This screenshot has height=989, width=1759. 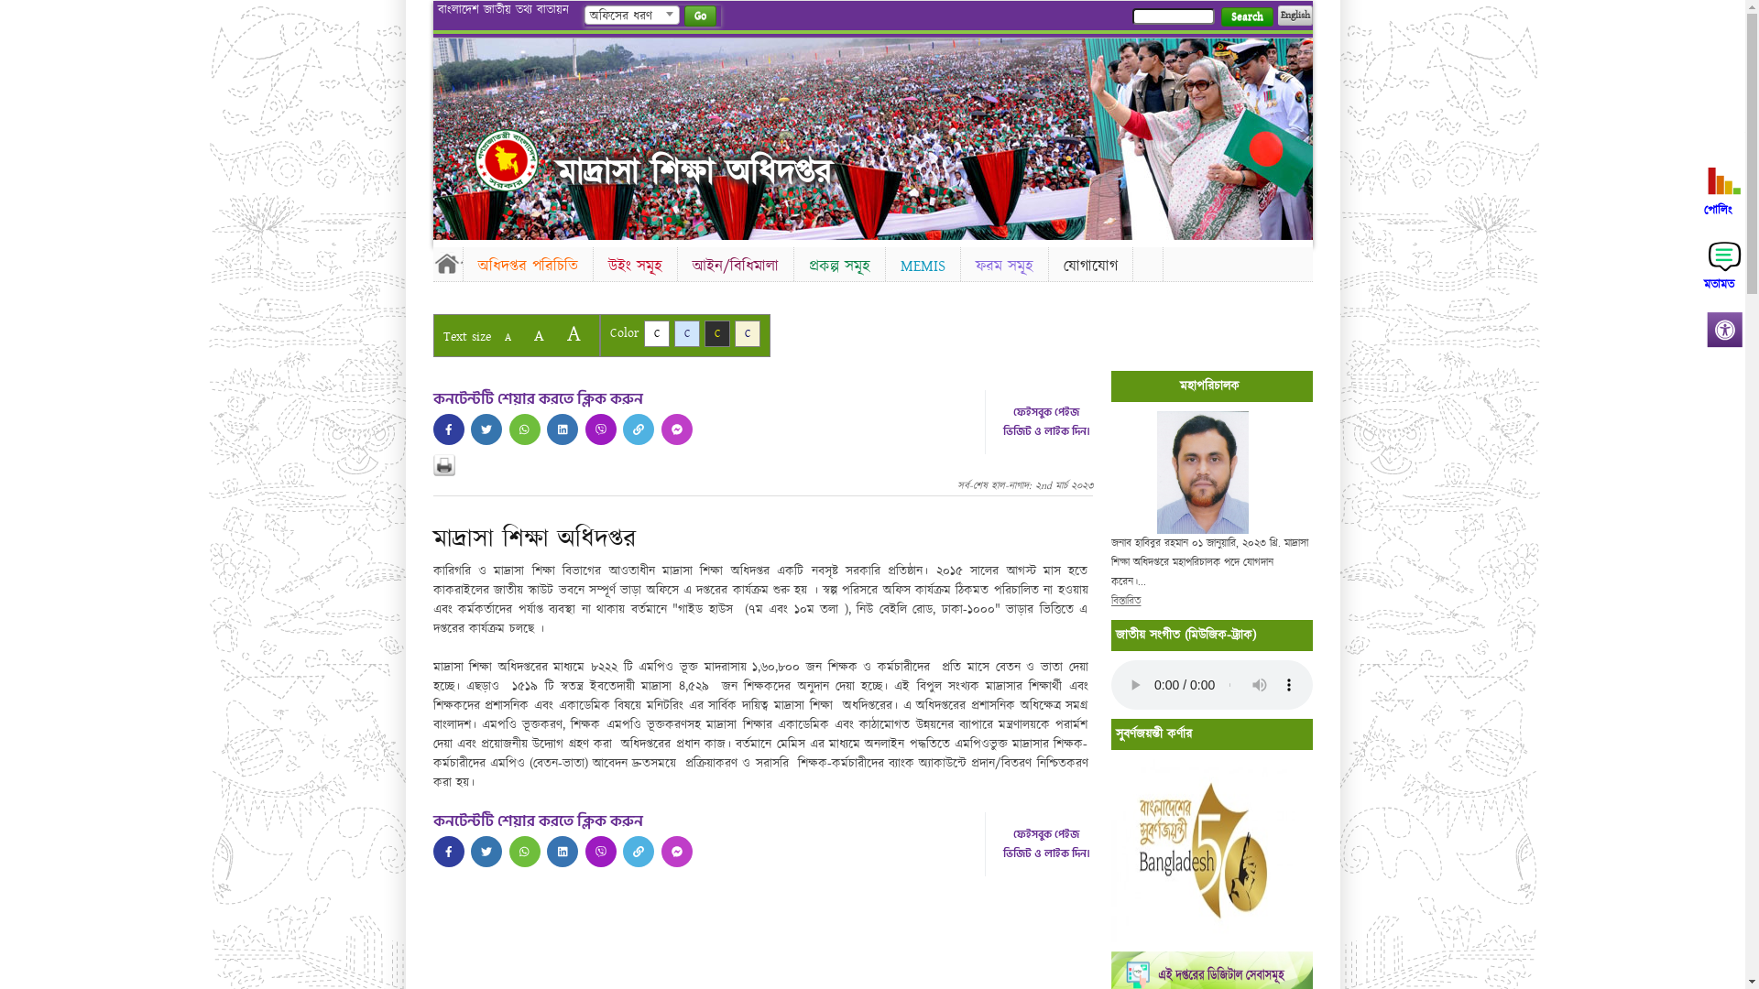 What do you see at coordinates (507, 337) in the screenshot?
I see `'A'` at bounding box center [507, 337].